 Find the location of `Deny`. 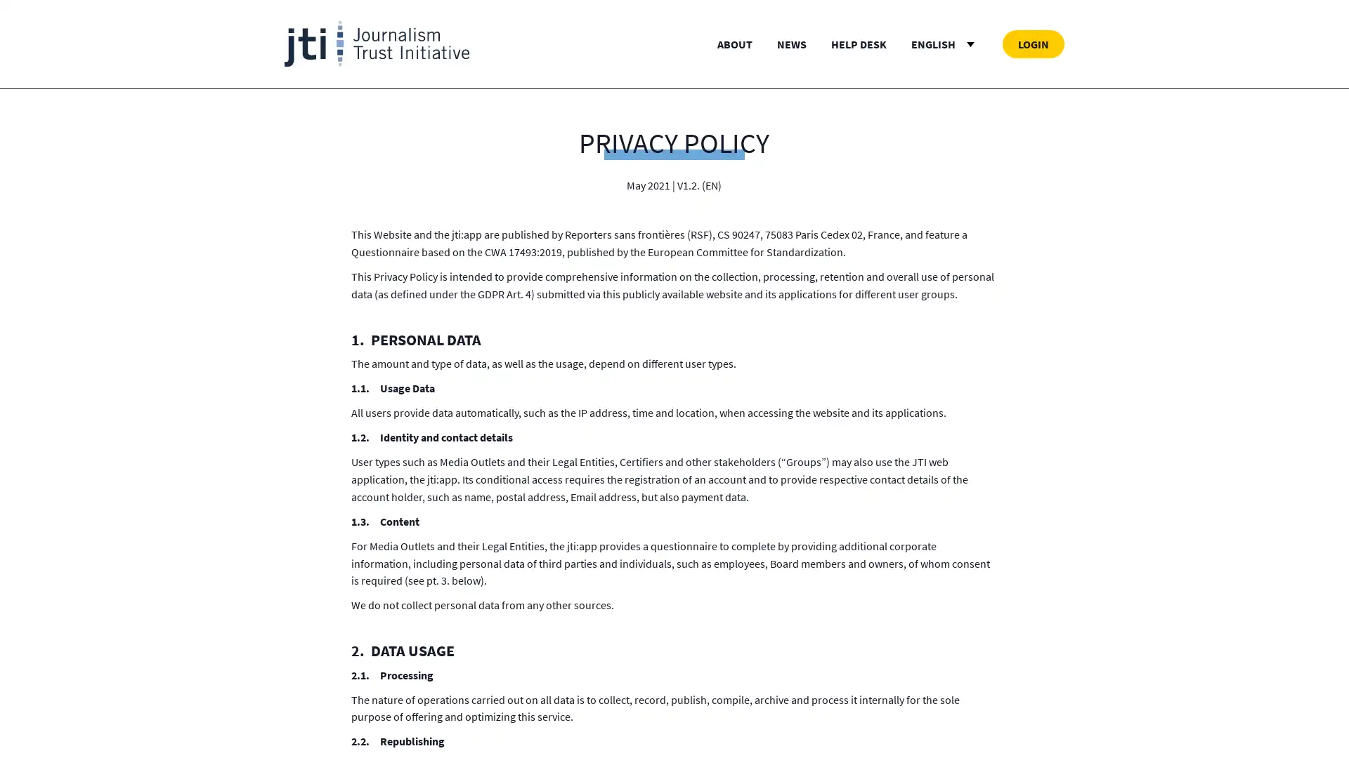

Deny is located at coordinates (673, 459).